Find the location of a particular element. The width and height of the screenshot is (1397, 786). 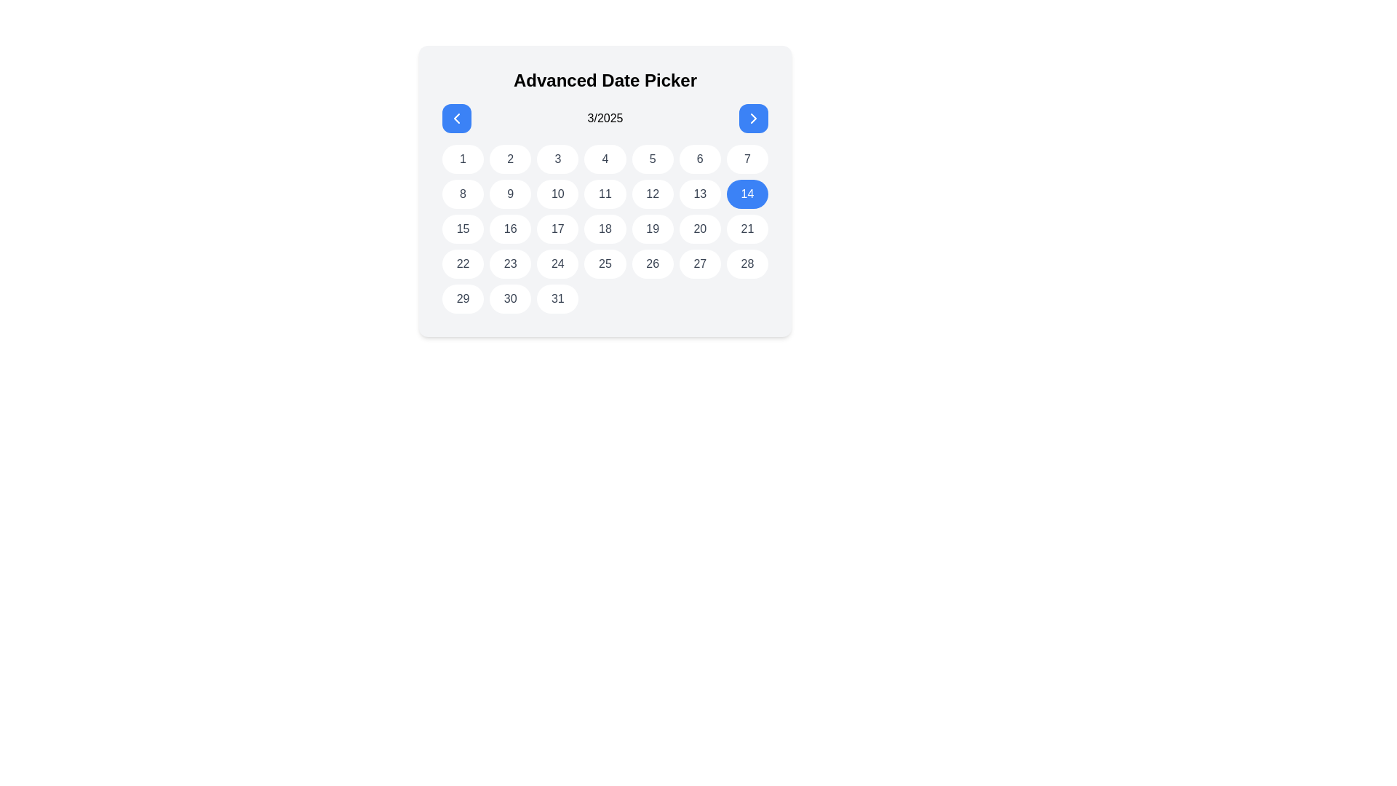

the interactive date selector button displaying '28' in the calendar grid is located at coordinates (747, 263).